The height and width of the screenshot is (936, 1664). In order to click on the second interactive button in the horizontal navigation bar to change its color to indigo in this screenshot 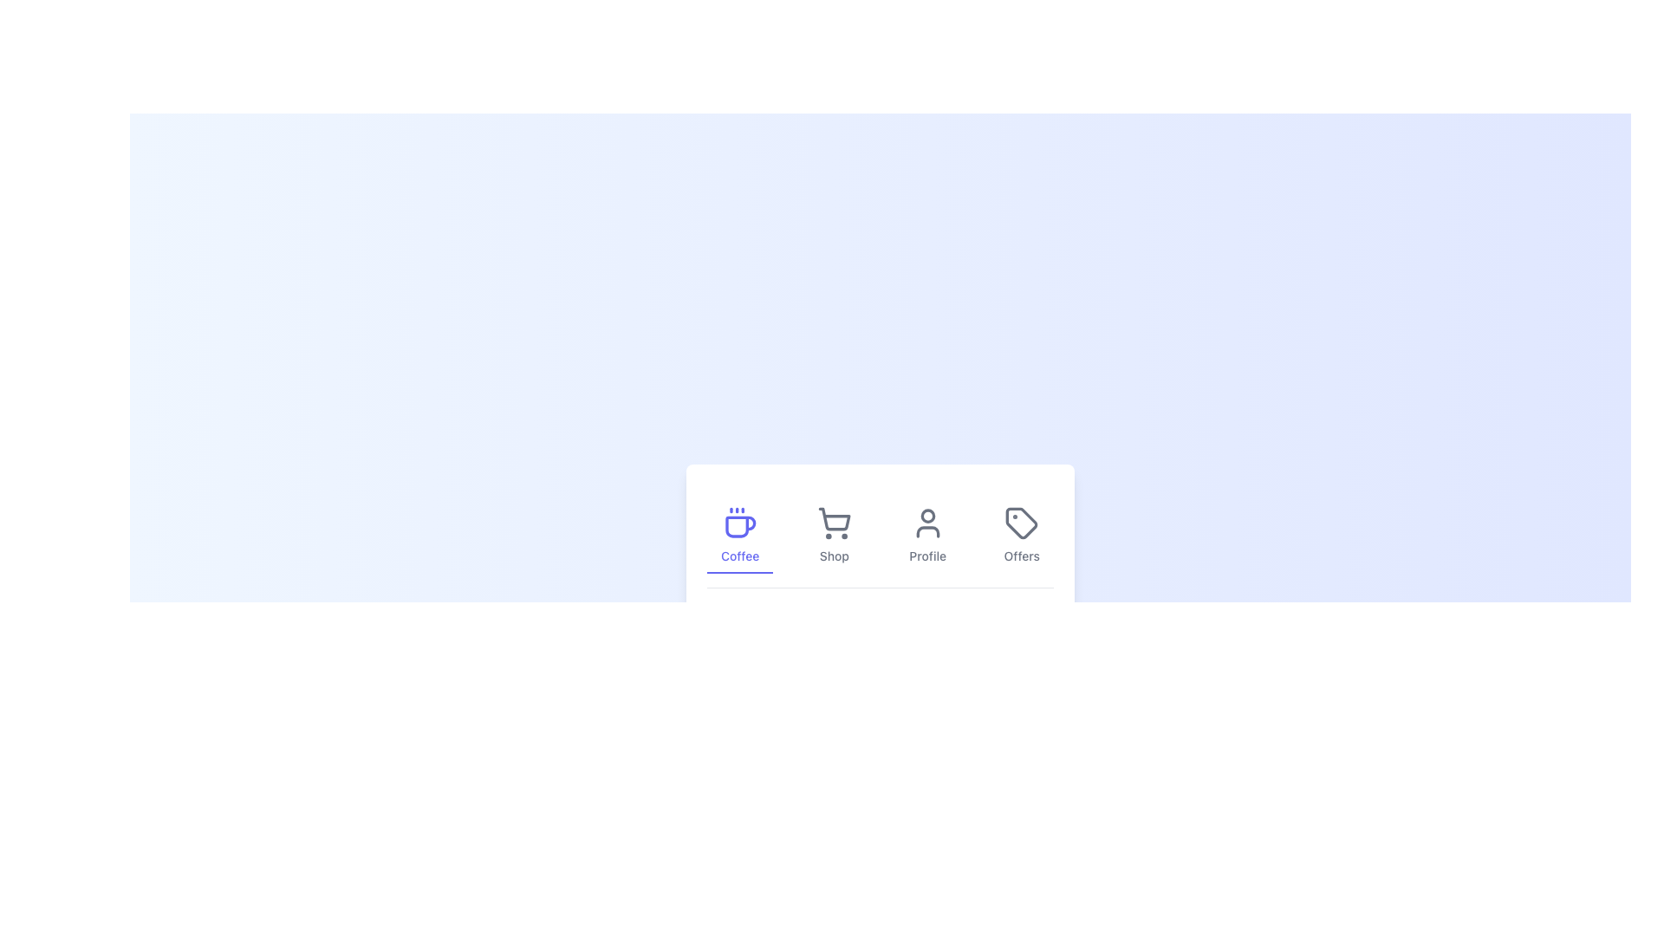, I will do `click(834, 535)`.